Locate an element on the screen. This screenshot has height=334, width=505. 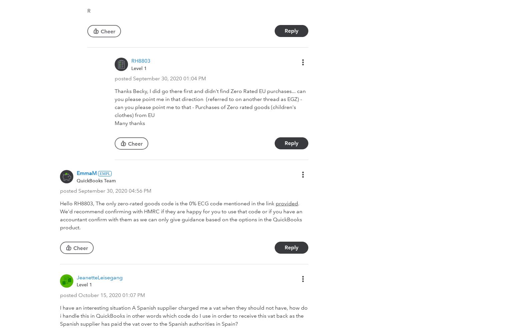
'01:07 PM' is located at coordinates (134, 295).